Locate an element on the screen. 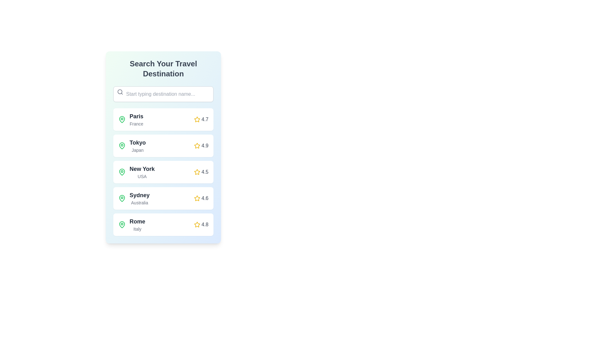 The image size is (601, 338). the fourth selectable list item representing a travel destination, located between the 'New York' and 'Rome' entries is located at coordinates (163, 198).